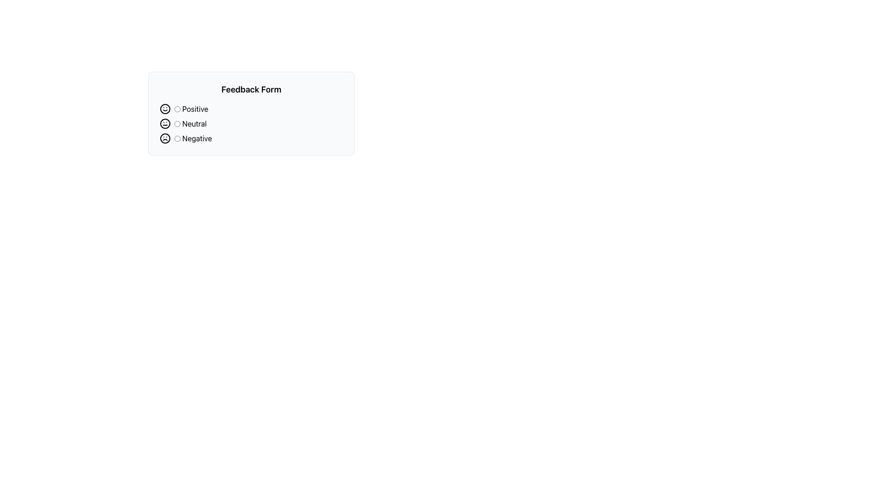 This screenshot has width=884, height=497. Describe the element at coordinates (165, 108) in the screenshot. I see `the smiley face icon located in the 'Feedback Form' component, which precedes the 'Positive' radio button` at that location.